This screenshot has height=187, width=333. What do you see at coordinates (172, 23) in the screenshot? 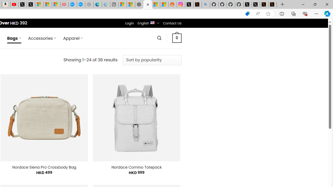
I see `'Contact Us'` at bounding box center [172, 23].